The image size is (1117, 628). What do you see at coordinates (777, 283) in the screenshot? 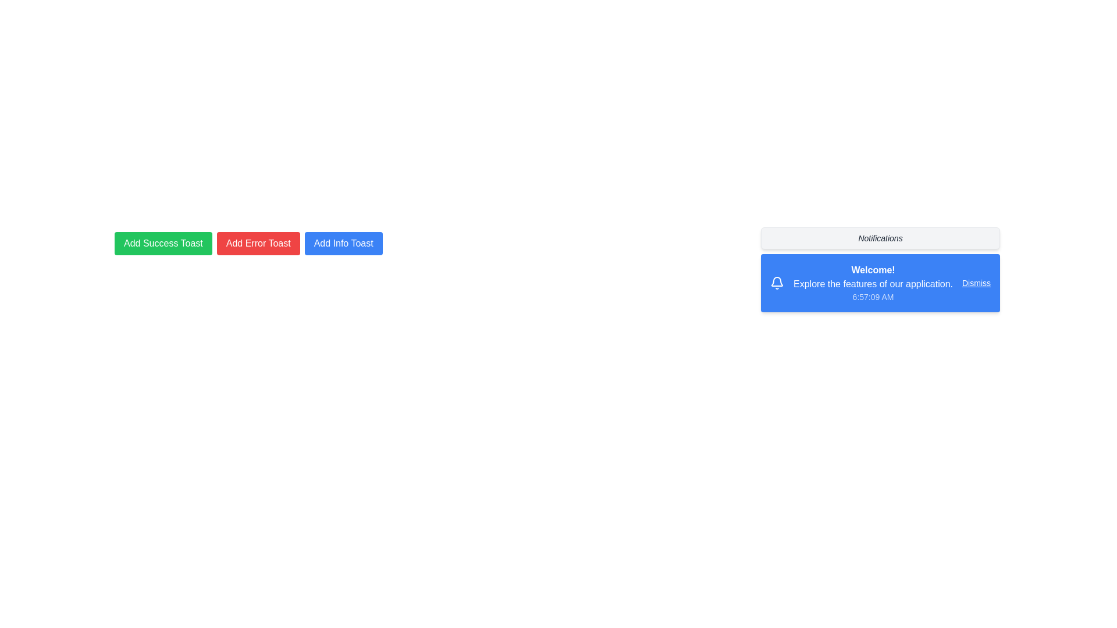
I see `the minimalist bell-shaped icon located to the left of the title 'Welcome!' in the notification card` at bounding box center [777, 283].